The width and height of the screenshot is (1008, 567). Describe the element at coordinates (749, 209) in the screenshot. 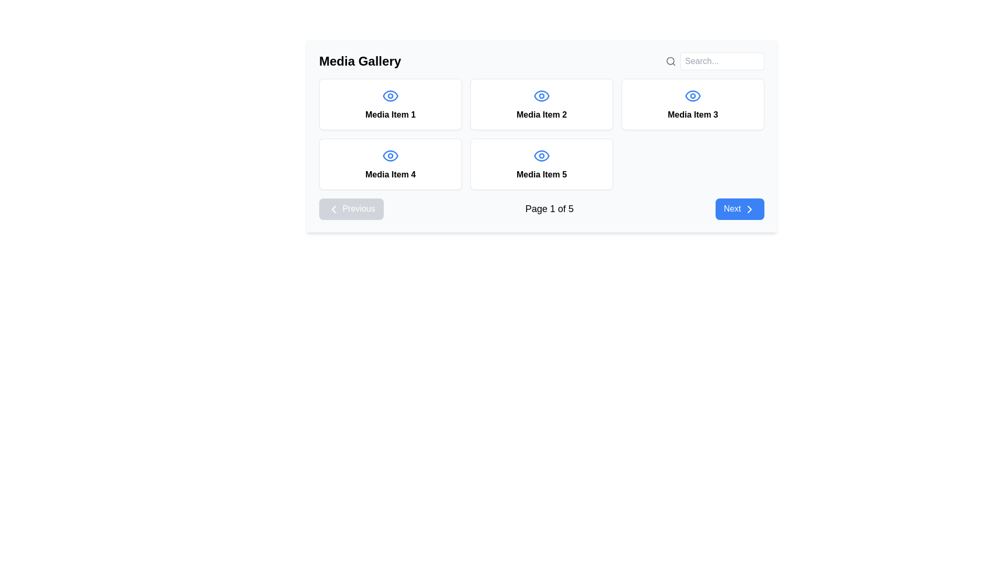

I see `the right-pointing chevron icon located in the 'Next' button at the bottom-right corner of the interface` at that location.